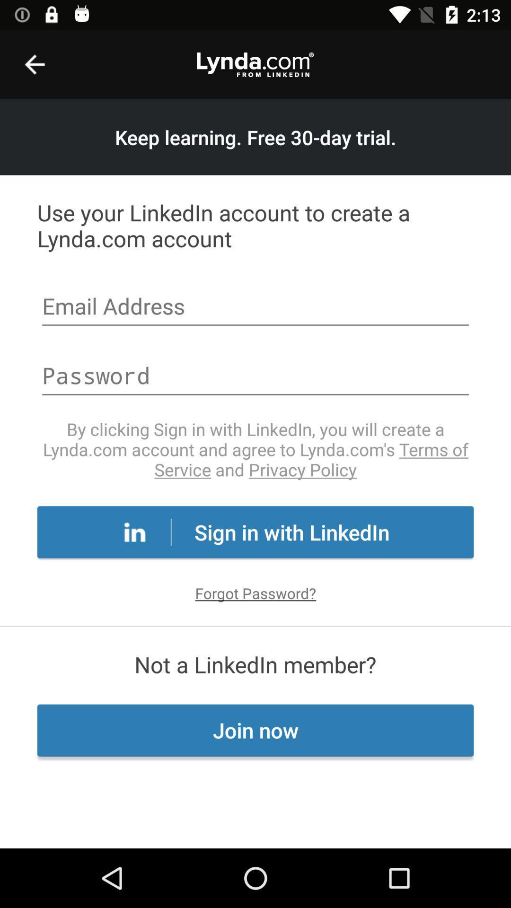 The width and height of the screenshot is (511, 908). What do you see at coordinates (34, 64) in the screenshot?
I see `icon at the top left corner` at bounding box center [34, 64].